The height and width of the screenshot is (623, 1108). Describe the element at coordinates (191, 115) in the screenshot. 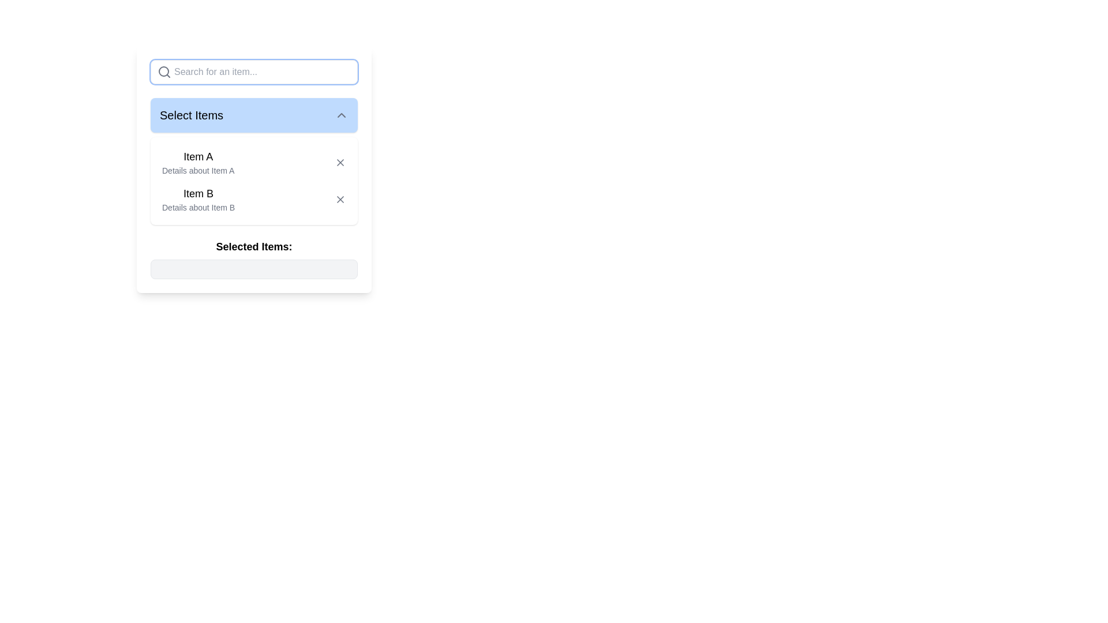

I see `the 'Select Items' text label, which is displayed in bold black font on a blue rounded rectangle background, located near the upper part of the interface just below the search bar` at that location.